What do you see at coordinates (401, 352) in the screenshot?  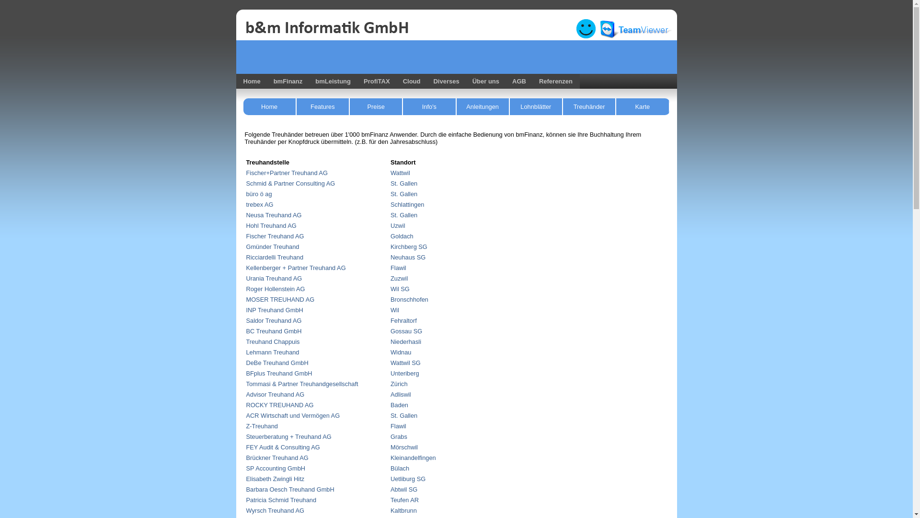 I see `'Widnau'` at bounding box center [401, 352].